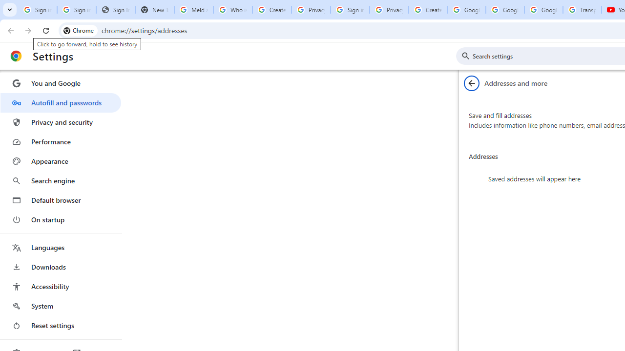 The height and width of the screenshot is (351, 625). Describe the element at coordinates (60, 161) in the screenshot. I see `'Appearance'` at that location.